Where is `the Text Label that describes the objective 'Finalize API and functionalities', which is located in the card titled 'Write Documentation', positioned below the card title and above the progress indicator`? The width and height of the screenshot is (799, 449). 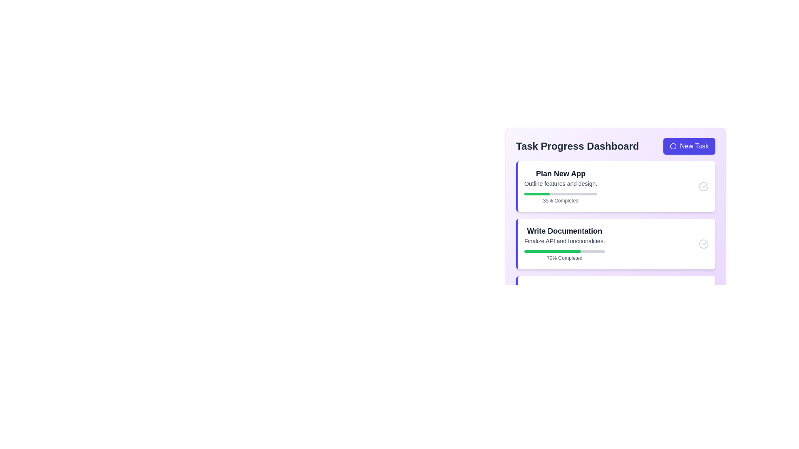 the Text Label that describes the objective 'Finalize API and functionalities', which is located in the card titled 'Write Documentation', positioned below the card title and above the progress indicator is located at coordinates (564, 241).